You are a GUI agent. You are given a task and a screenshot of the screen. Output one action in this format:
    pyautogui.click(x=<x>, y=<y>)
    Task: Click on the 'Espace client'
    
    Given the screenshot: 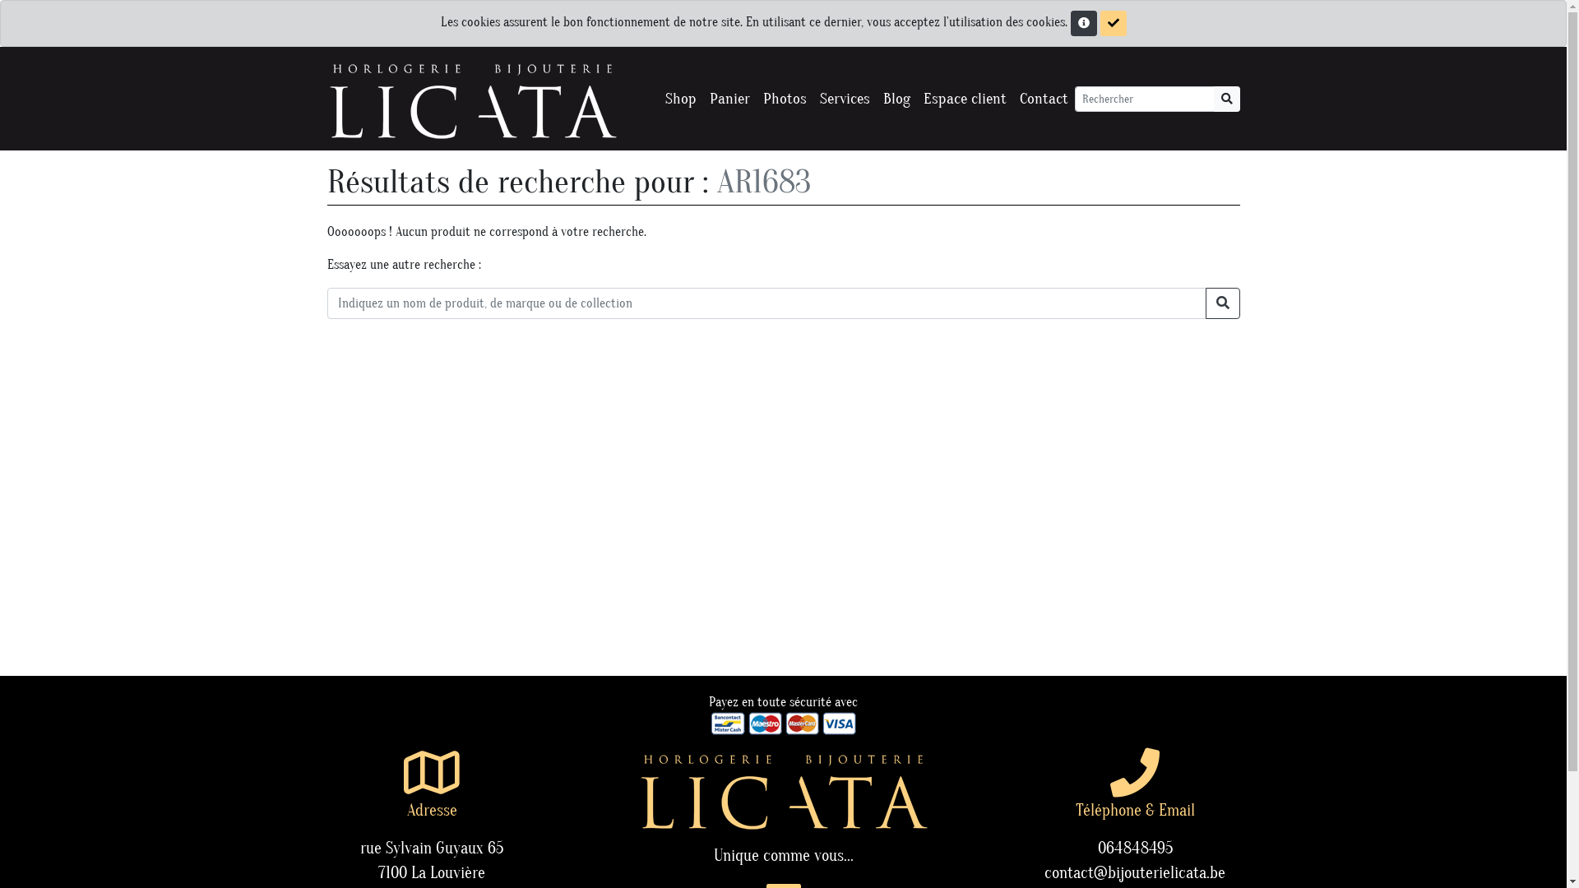 What is the action you would take?
    pyautogui.click(x=964, y=99)
    